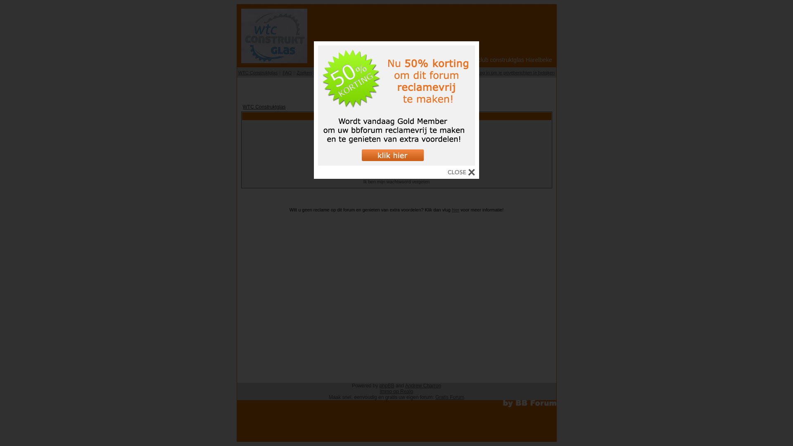  Describe the element at coordinates (396, 391) in the screenshot. I see `'immo op Realo'` at that location.